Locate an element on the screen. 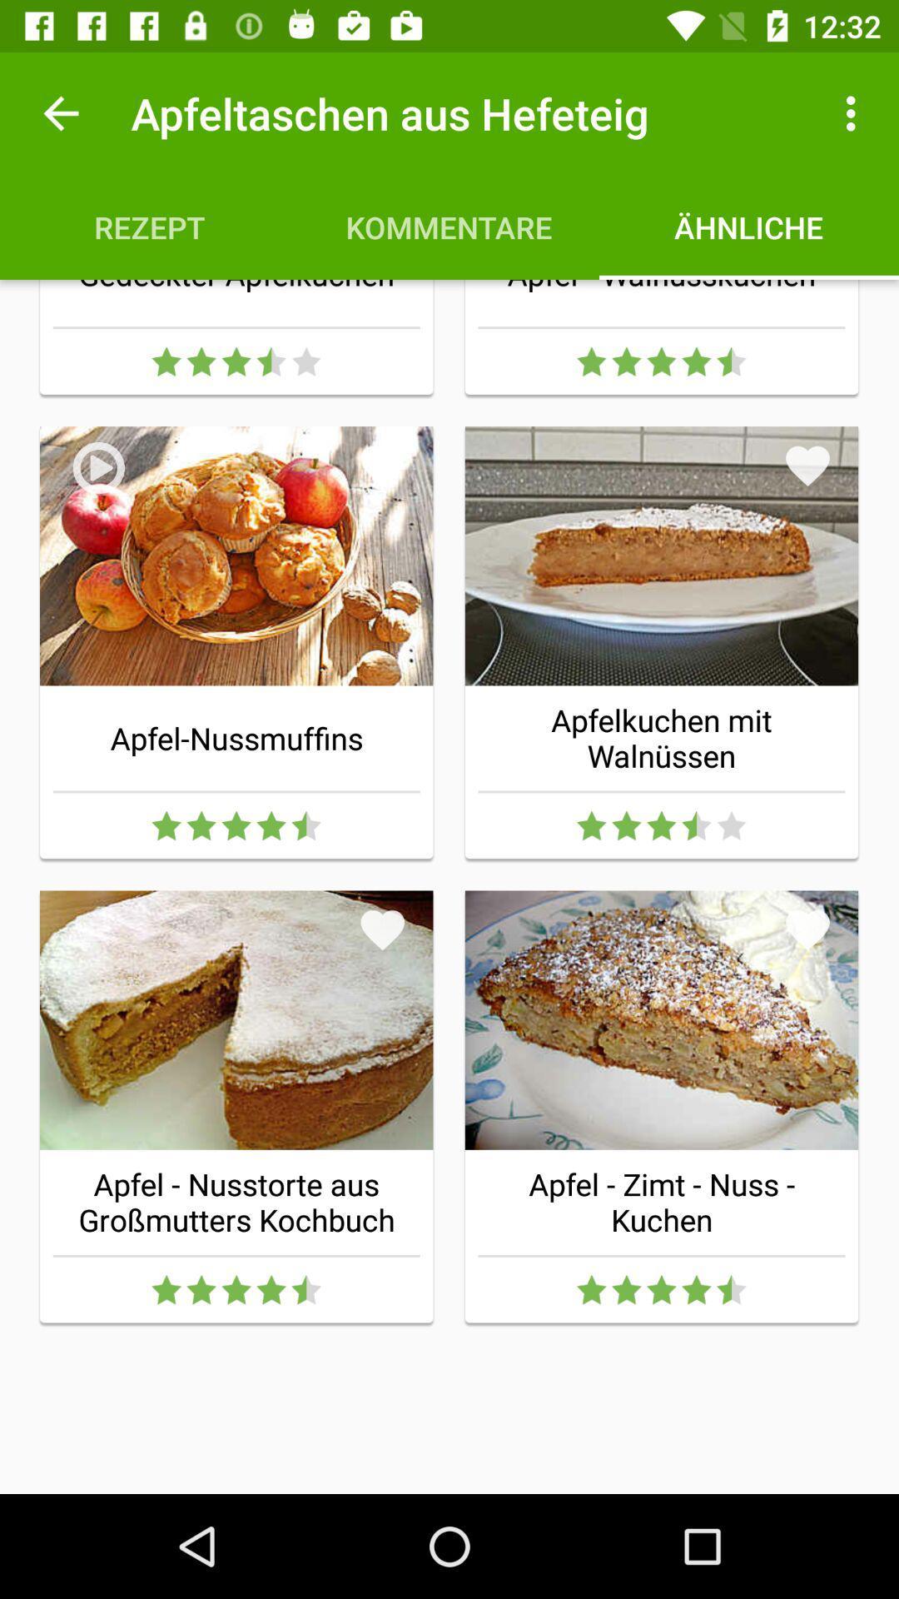 This screenshot has width=899, height=1599. icon above the apfel zimt nuss icon is located at coordinates (807, 929).